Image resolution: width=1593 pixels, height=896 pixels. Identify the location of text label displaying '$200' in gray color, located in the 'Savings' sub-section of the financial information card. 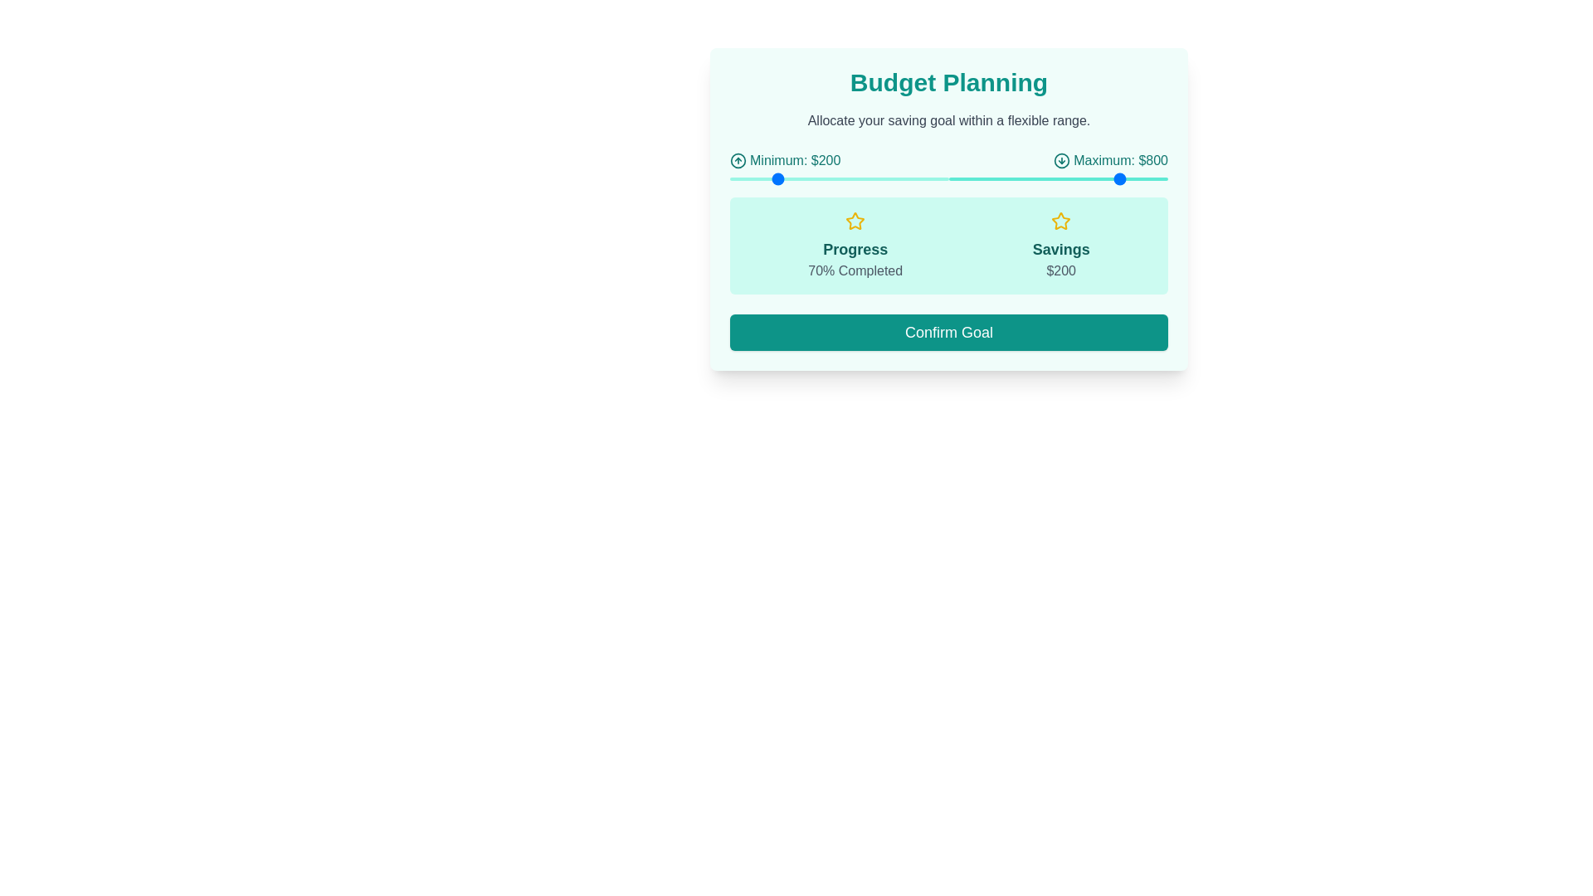
(1060, 270).